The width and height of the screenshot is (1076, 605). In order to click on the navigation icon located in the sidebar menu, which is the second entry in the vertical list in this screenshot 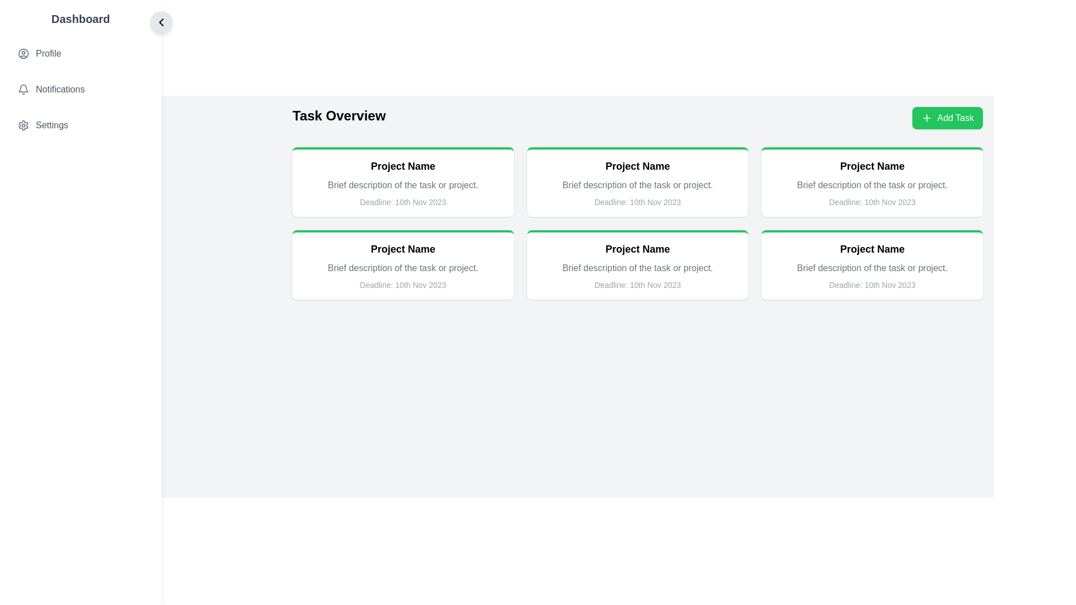, I will do `click(80, 89)`.